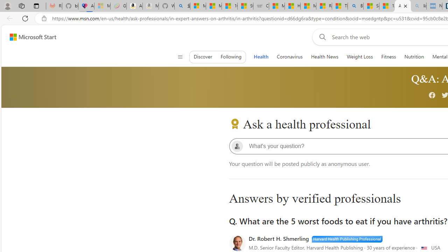 This screenshot has height=252, width=448. Describe the element at coordinates (260, 56) in the screenshot. I see `'Health'` at that location.